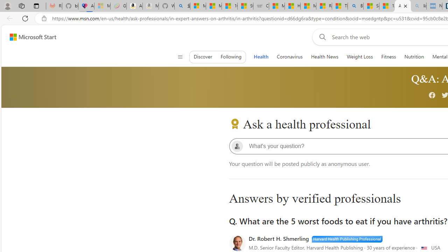 This screenshot has height=252, width=448. Describe the element at coordinates (260, 56) in the screenshot. I see `'Health'` at that location.